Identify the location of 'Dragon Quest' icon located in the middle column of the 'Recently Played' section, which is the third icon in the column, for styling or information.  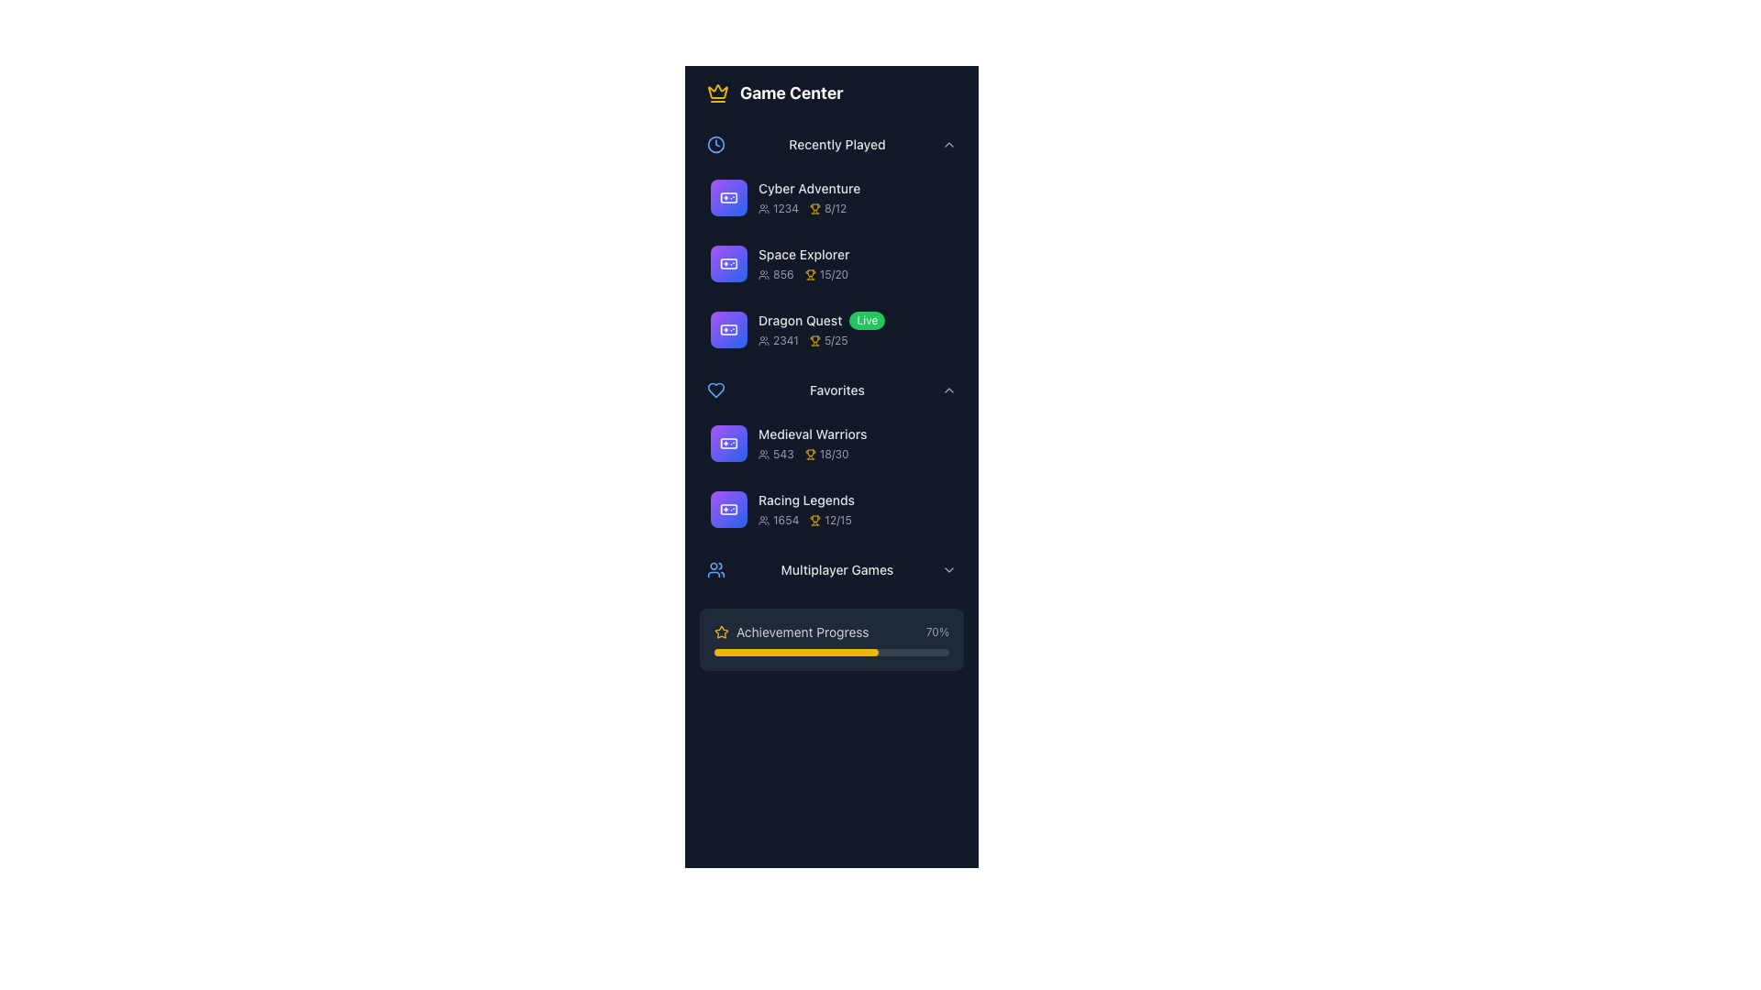
(728, 328).